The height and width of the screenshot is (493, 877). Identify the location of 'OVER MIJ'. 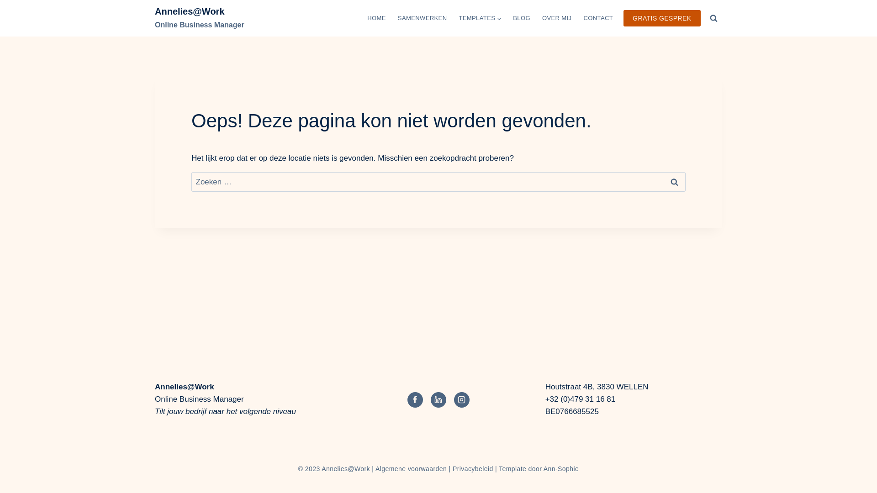
(556, 18).